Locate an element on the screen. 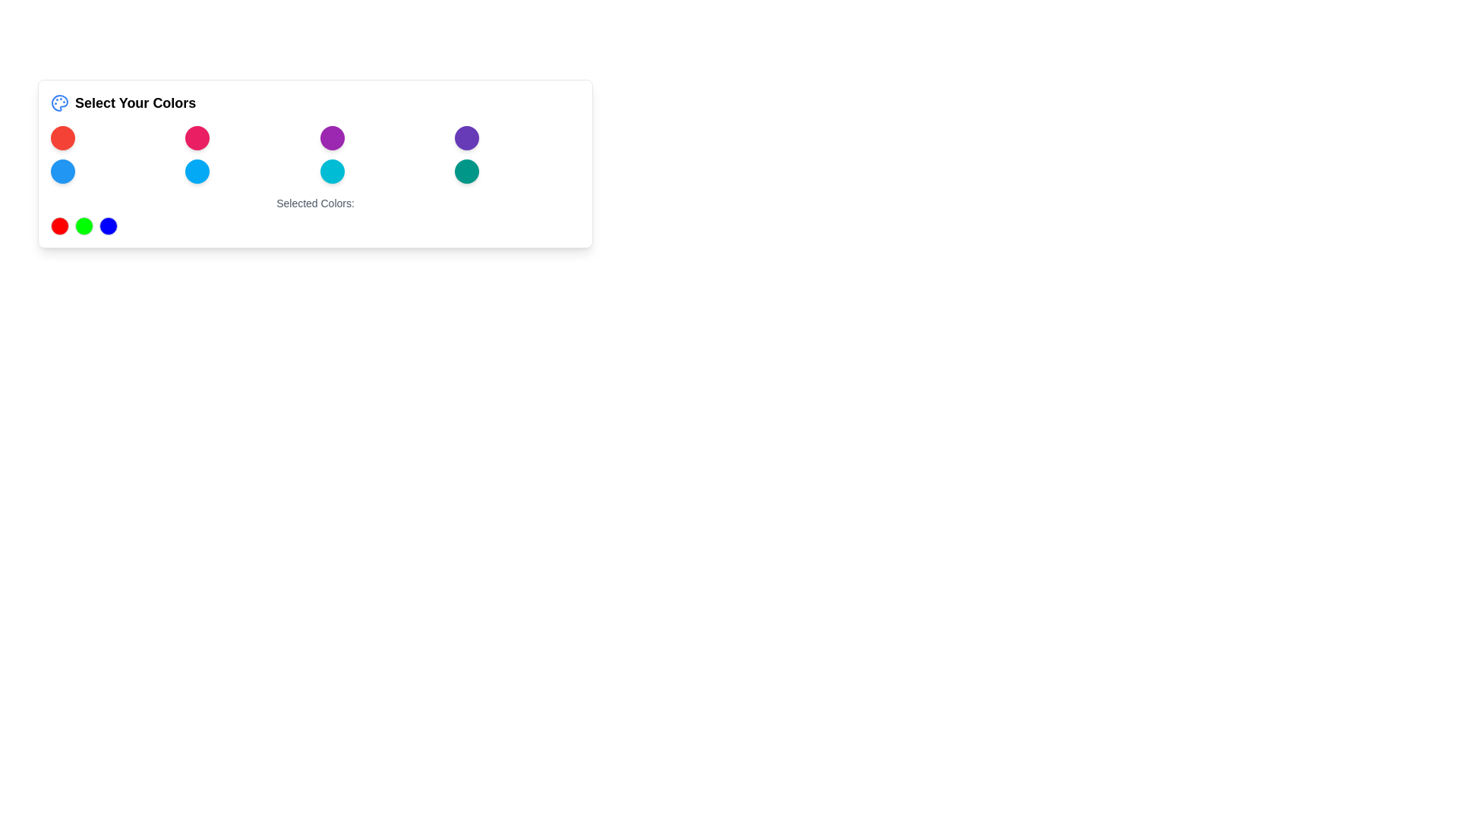 This screenshot has height=820, width=1458. the circular button located in the second row and first column of the grid is located at coordinates (62, 171).